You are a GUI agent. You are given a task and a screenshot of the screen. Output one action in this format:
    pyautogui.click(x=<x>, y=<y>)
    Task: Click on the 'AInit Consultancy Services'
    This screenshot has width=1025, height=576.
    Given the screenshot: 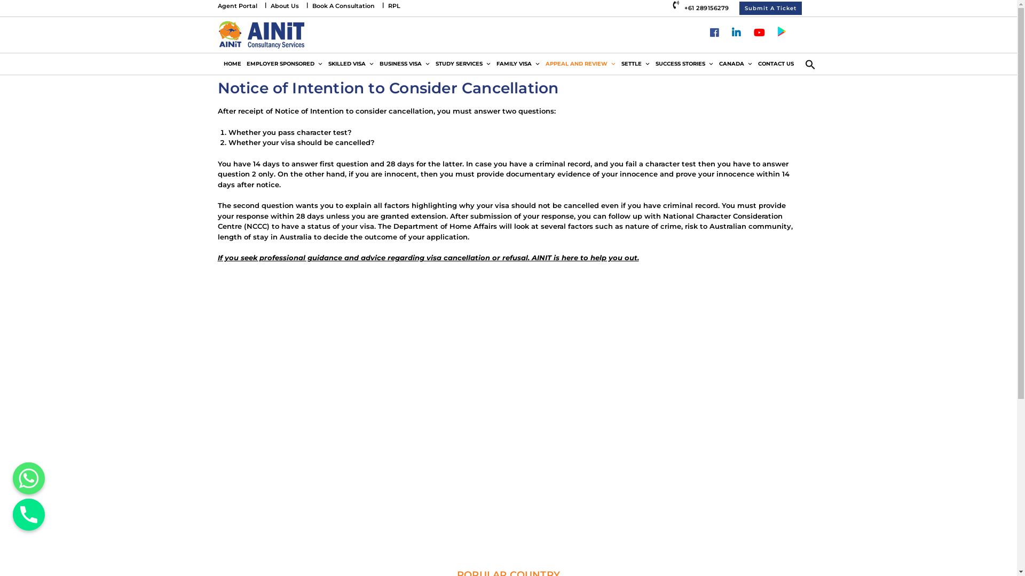 What is the action you would take?
    pyautogui.click(x=261, y=34)
    